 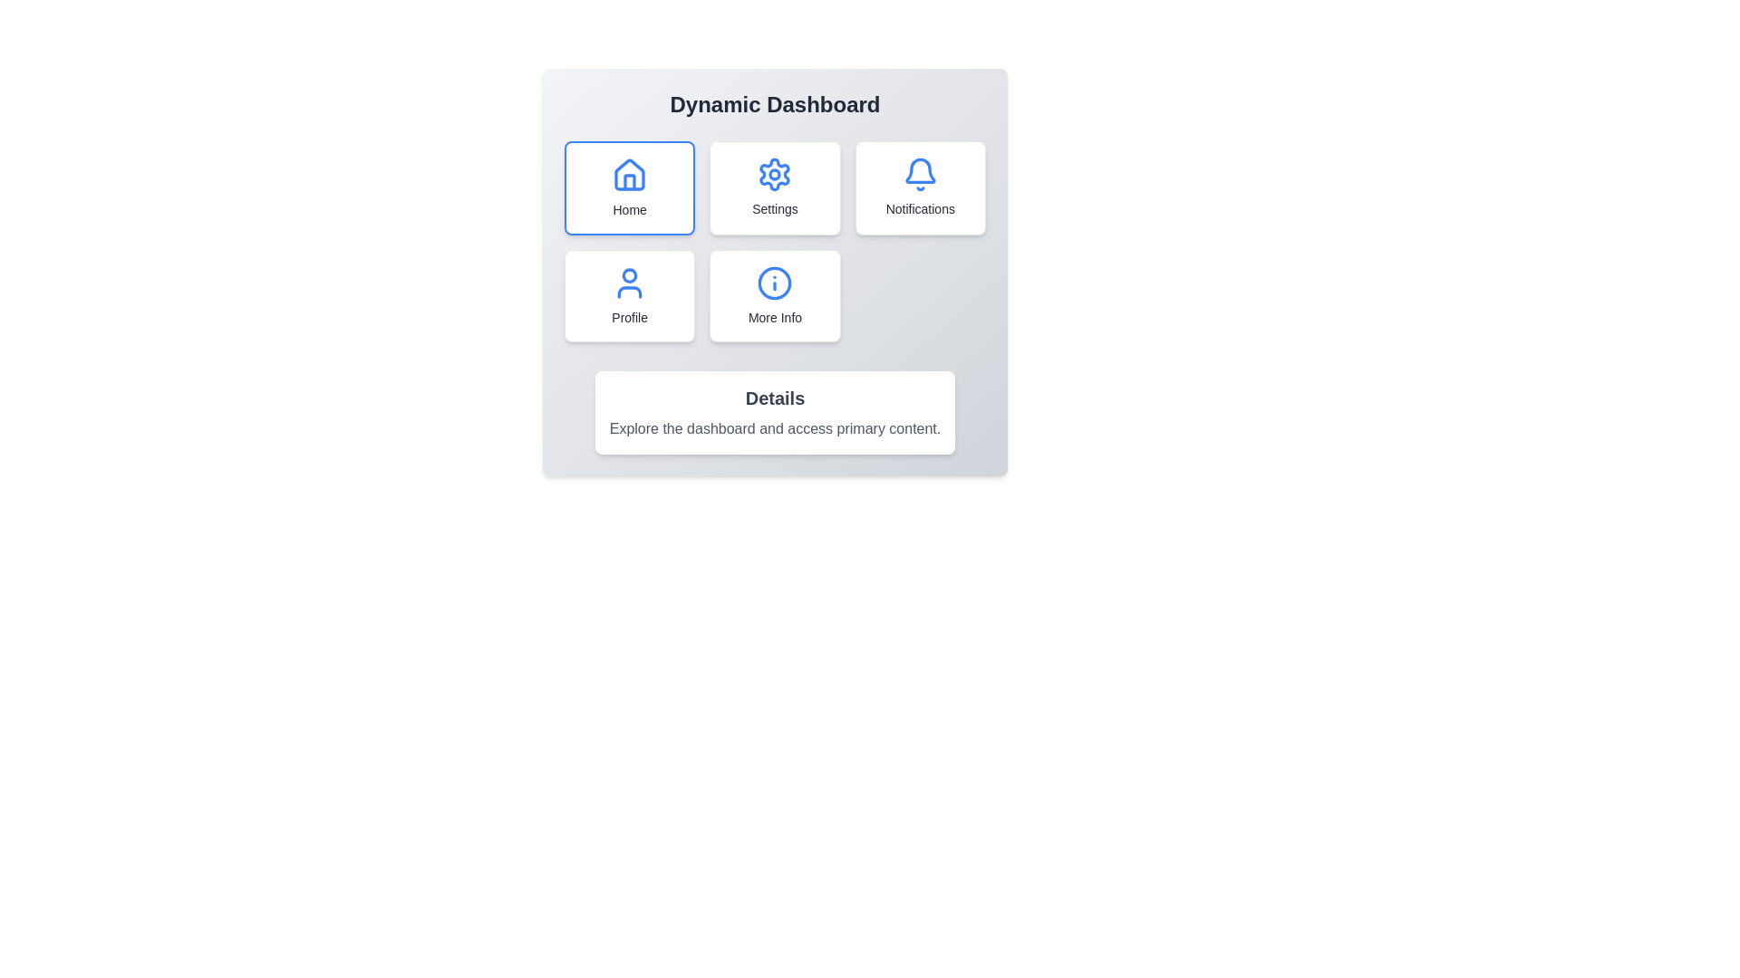 I want to click on the small circular shape located at the center of the gear icon representing settings in the dashboard interface, so click(x=775, y=174).